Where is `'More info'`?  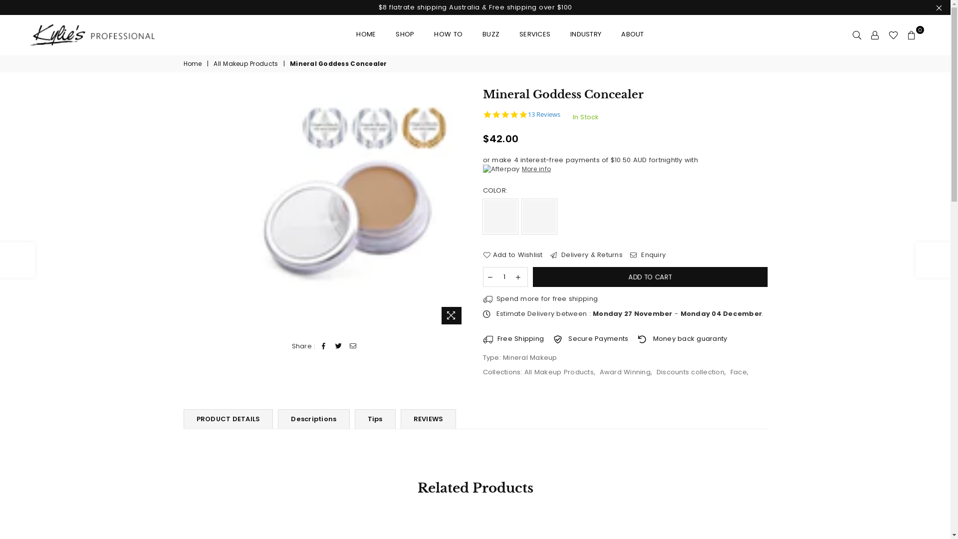 'More info' is located at coordinates (517, 169).